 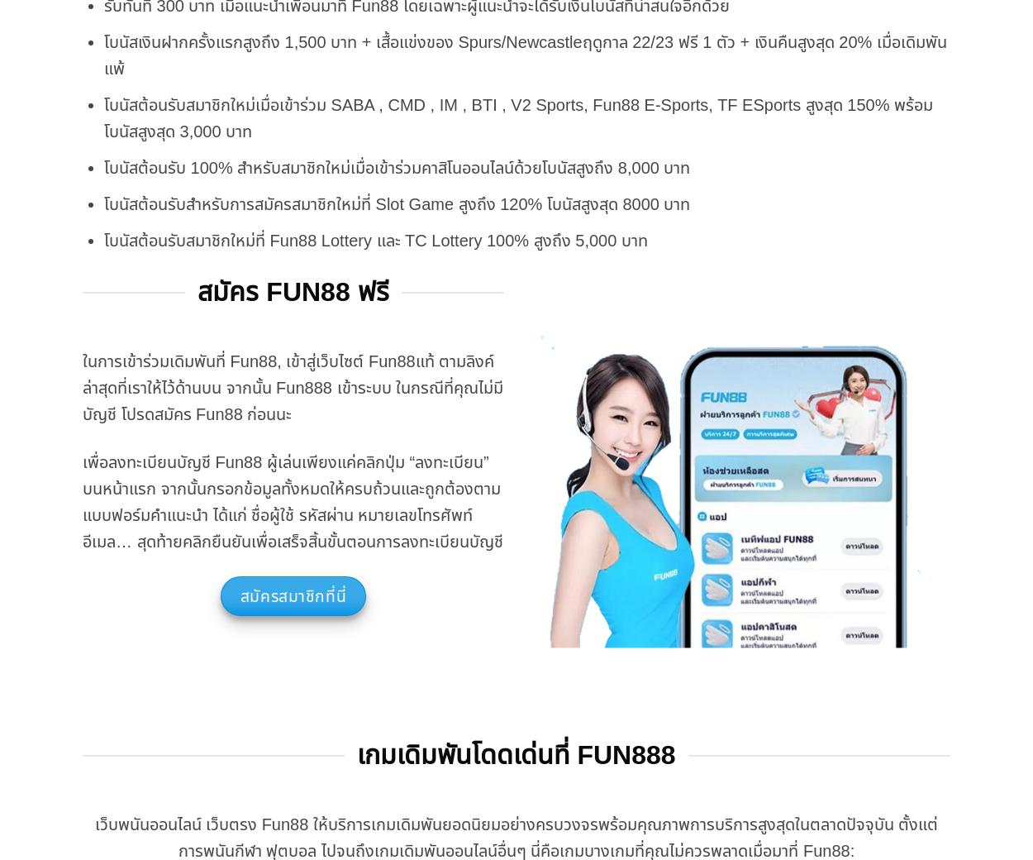 I want to click on 'ในการเข้าร่วมเดิมพันที่ Fun88, เข้าสู่เว็บไซต์ Fun88แท้ ตามลิงค์ล่าสุดที่เราให้ไว้ด้านบน จากนั้น Fun888 เข้าระบบ ในกรณีที่คุณไม่มีบัญชี โปรดสมัคร Fun88 ก่อนนะ', so click(x=292, y=387).